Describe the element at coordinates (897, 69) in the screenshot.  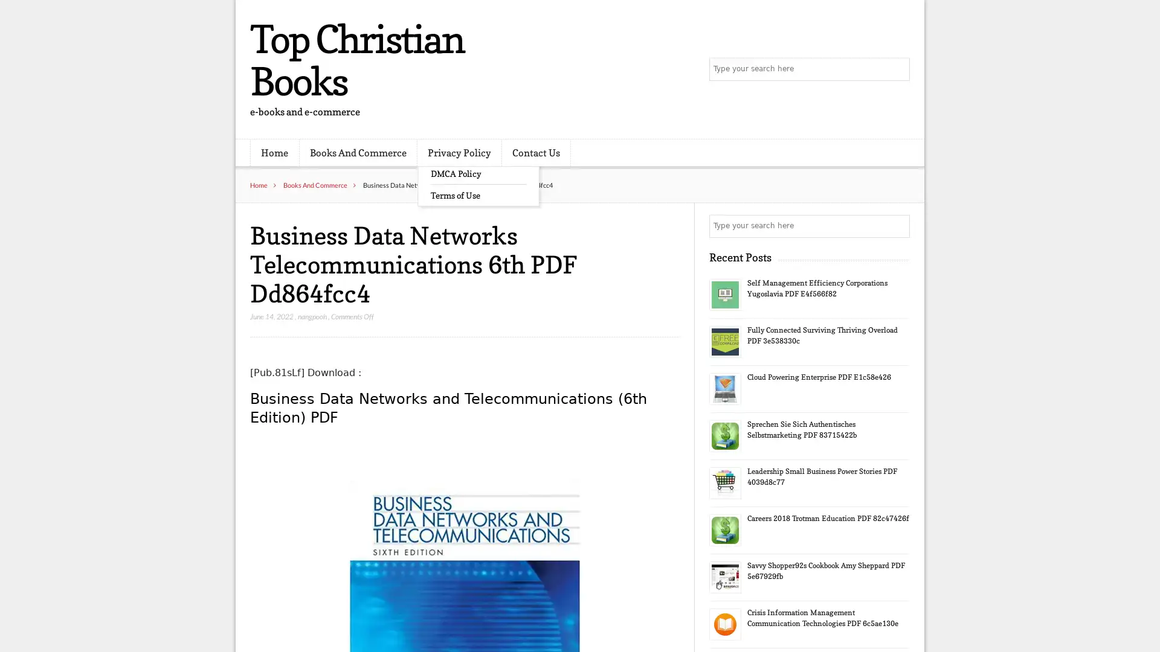
I see `Search` at that location.